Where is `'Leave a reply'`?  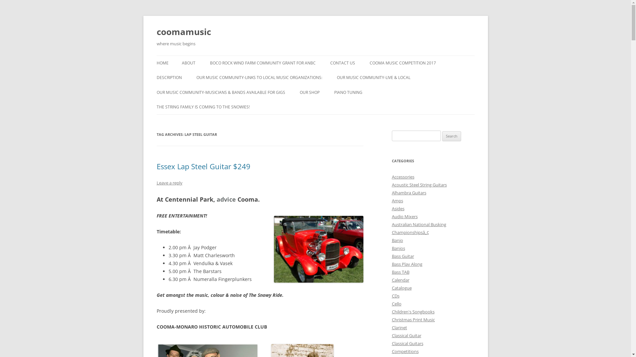
'Leave a reply' is located at coordinates (156, 182).